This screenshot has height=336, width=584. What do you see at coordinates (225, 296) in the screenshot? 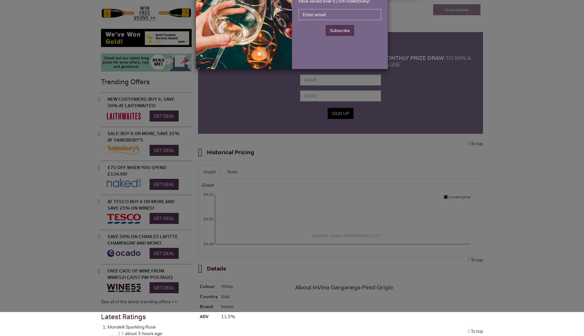
I see `'Italy'` at bounding box center [225, 296].